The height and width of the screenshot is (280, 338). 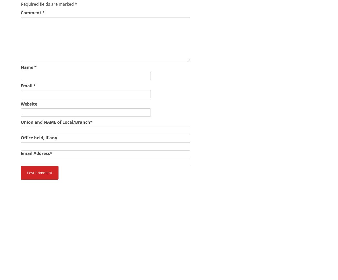 I want to click on 'Email Address', so click(x=35, y=153).